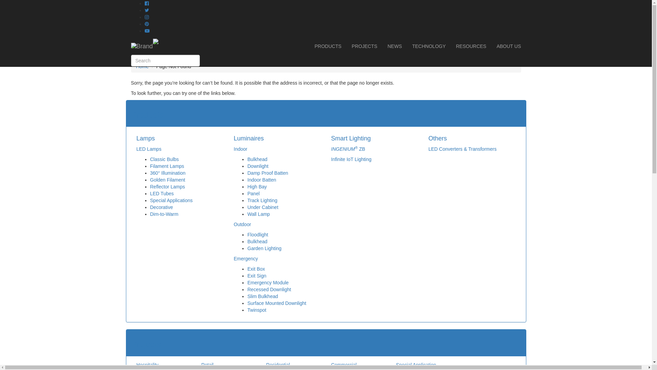 The width and height of the screenshot is (657, 370). Describe the element at coordinates (394, 46) in the screenshot. I see `'NEWS'` at that location.